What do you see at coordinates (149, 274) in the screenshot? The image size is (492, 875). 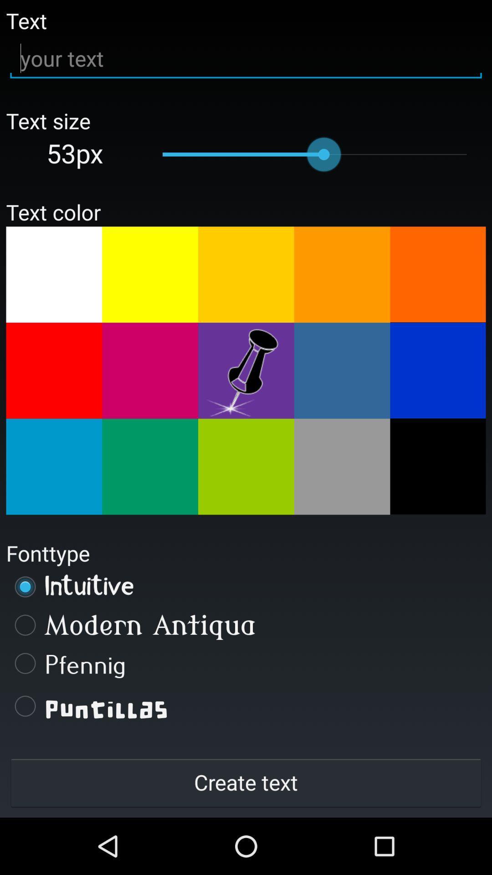 I see `pick color` at bounding box center [149, 274].